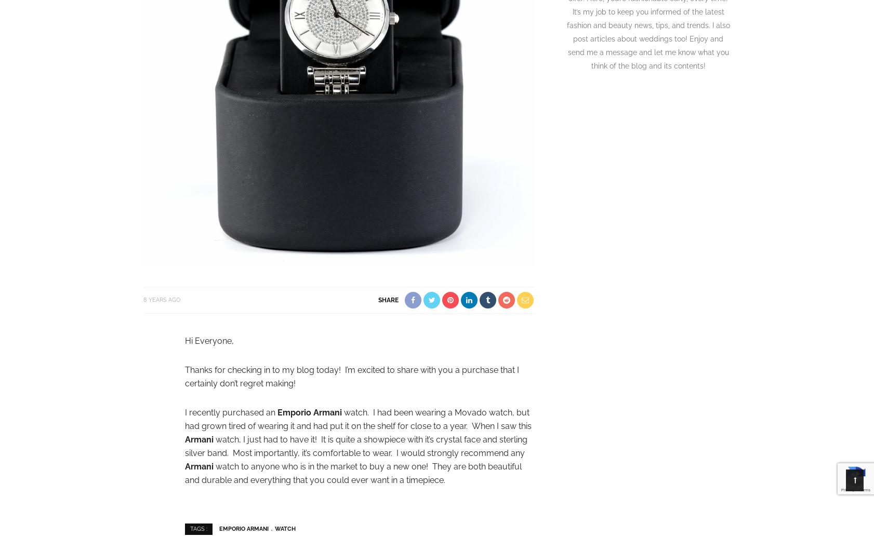  What do you see at coordinates (161, 300) in the screenshot?
I see `'8 years ago'` at bounding box center [161, 300].